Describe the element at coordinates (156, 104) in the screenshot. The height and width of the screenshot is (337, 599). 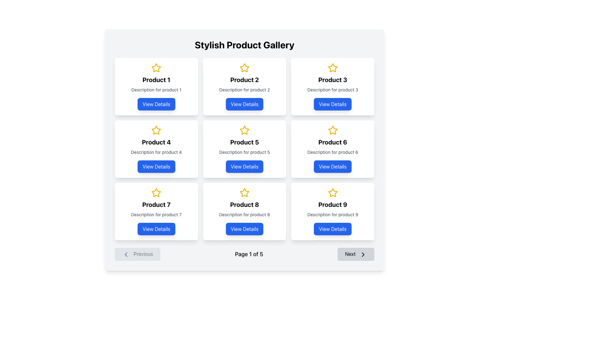
I see `the 'View Details' button, which is a rectangular button with a blue background and white text, located at the bottom of the card for 'Product 1'` at that location.